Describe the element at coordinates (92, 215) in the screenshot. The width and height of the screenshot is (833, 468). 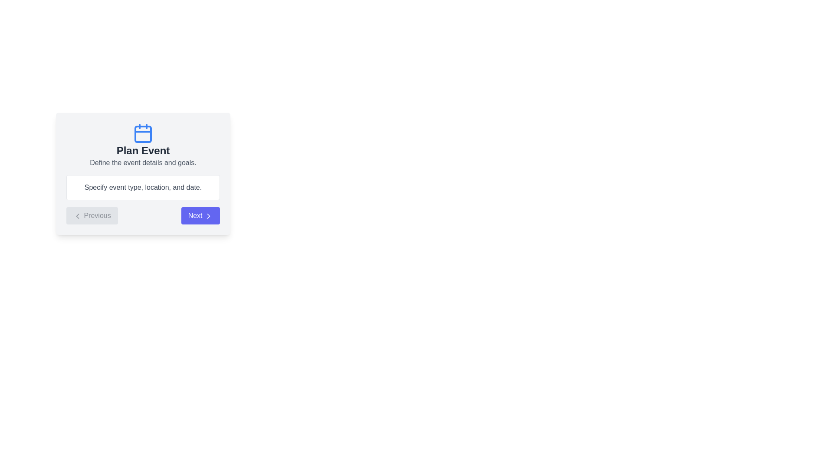
I see `the 'Previous' button to navigate to the previous step` at that location.